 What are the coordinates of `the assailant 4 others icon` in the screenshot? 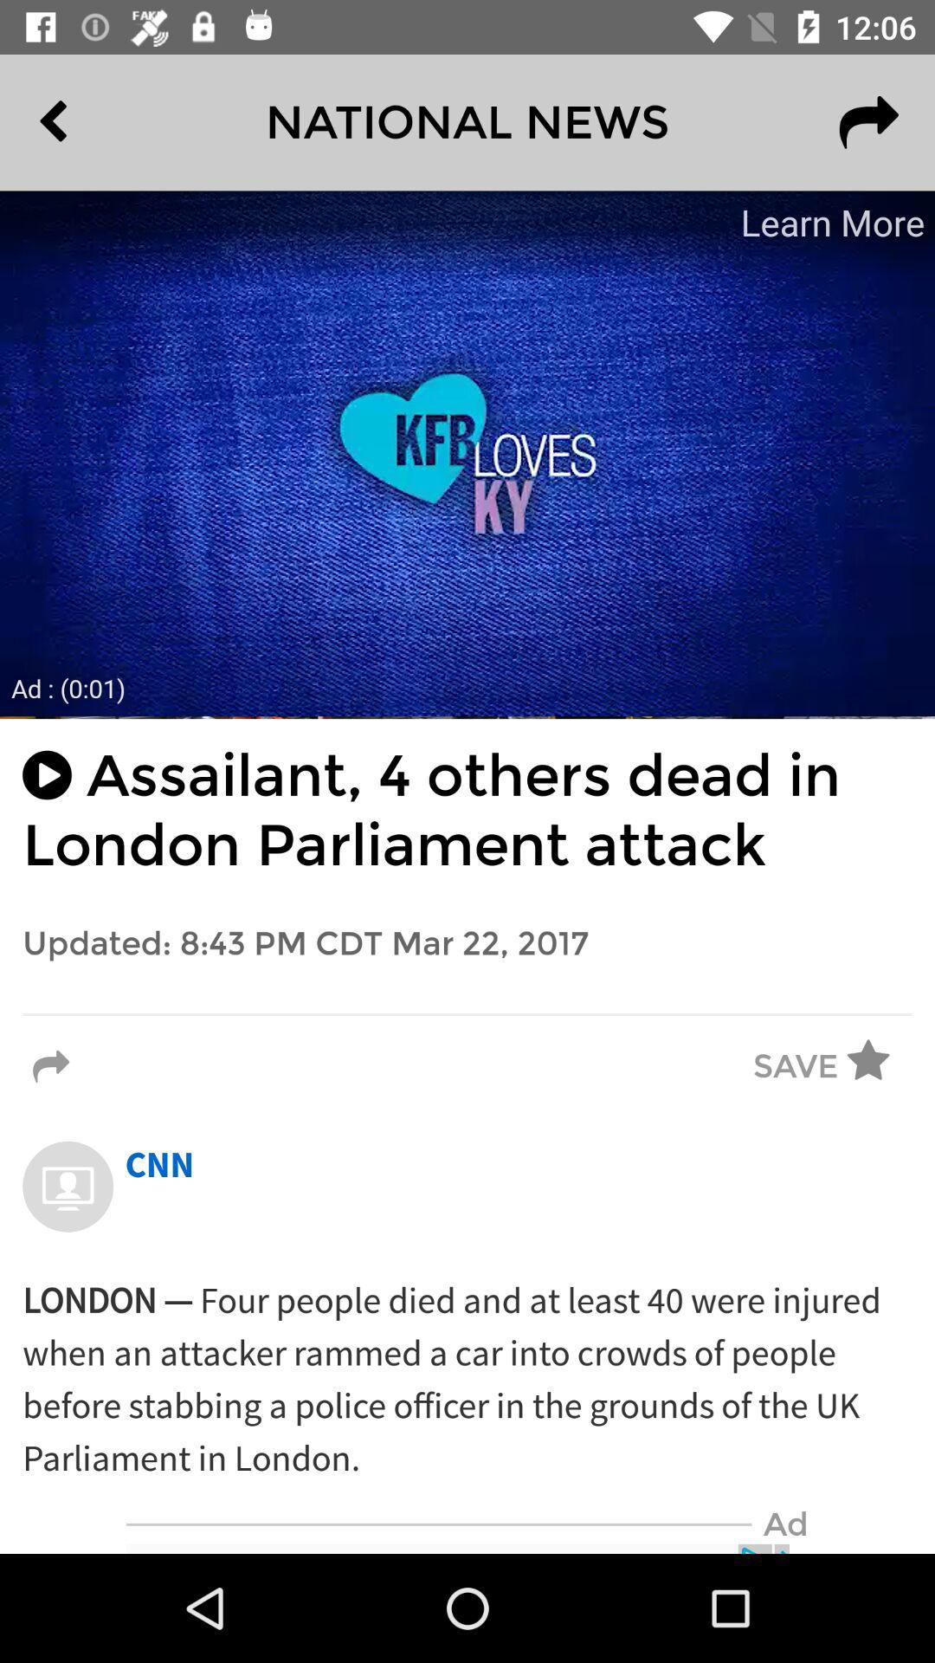 It's located at (467, 810).